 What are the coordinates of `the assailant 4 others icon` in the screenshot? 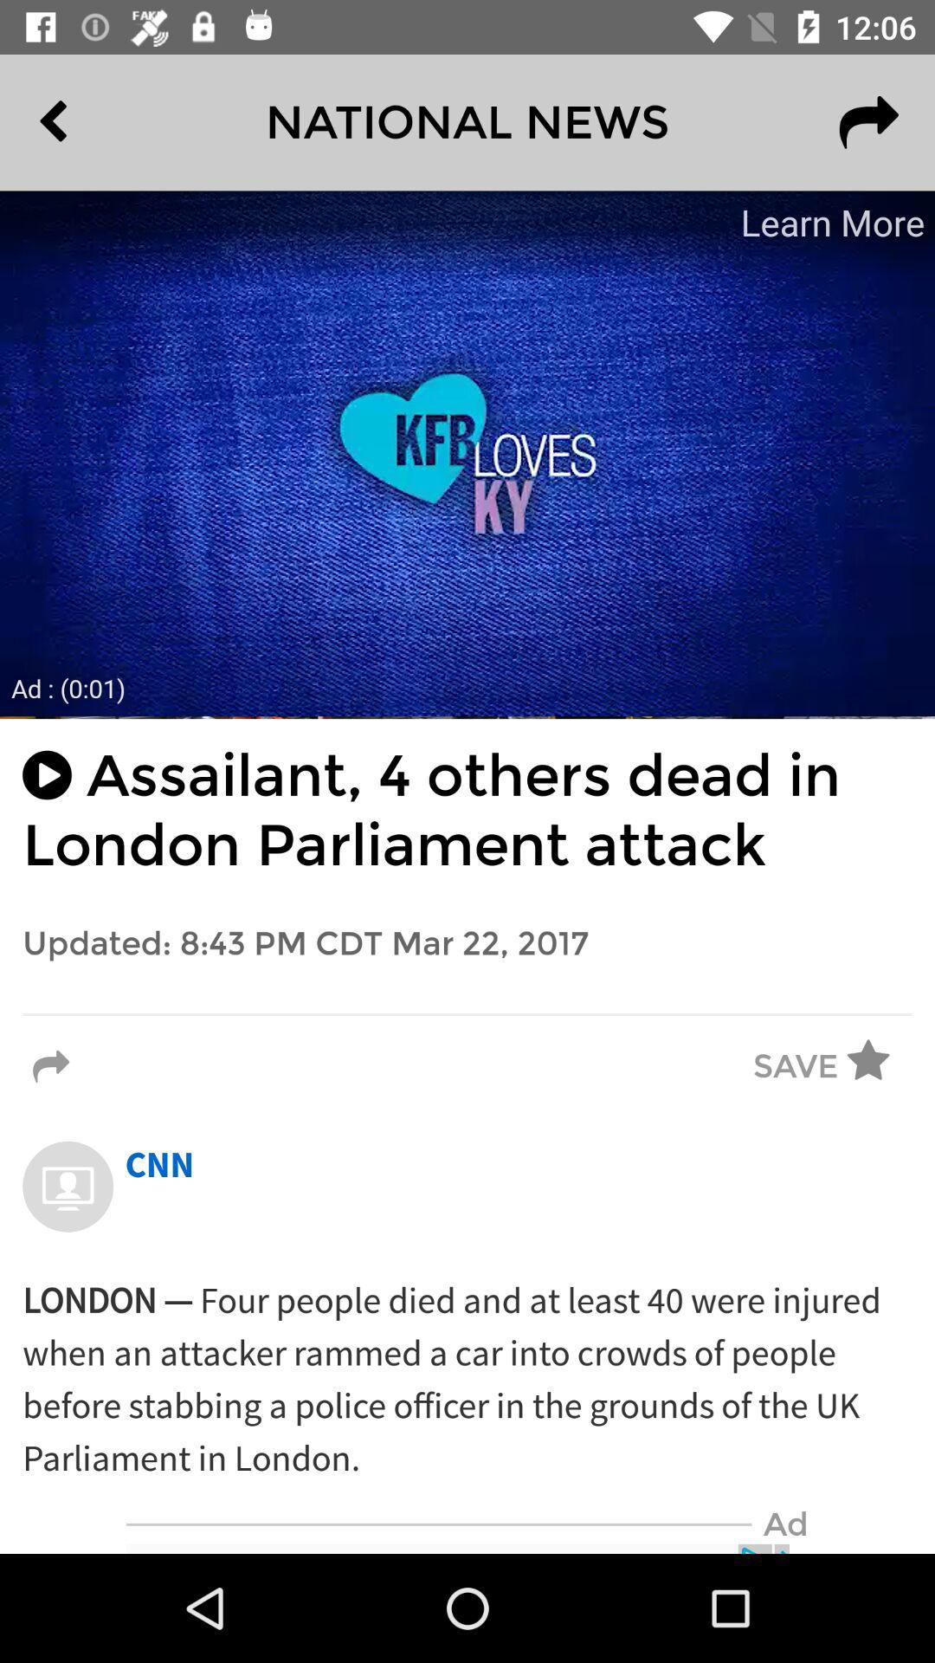 It's located at (467, 810).